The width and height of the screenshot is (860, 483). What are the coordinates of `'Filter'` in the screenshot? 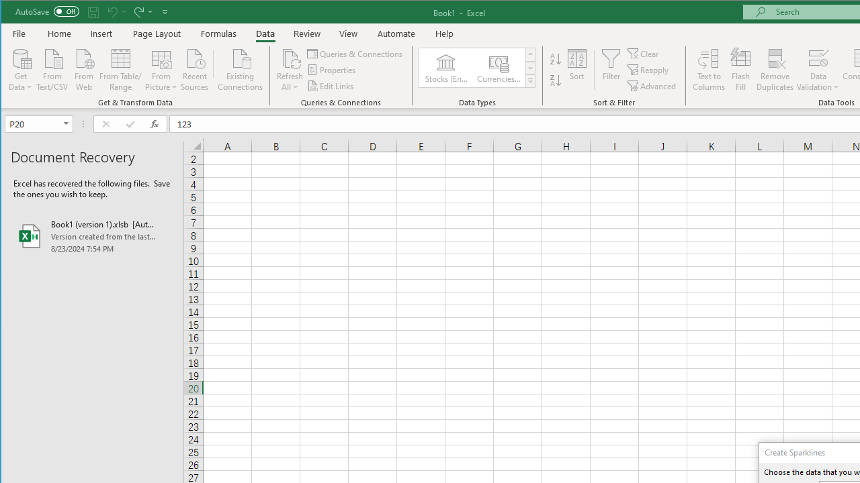 It's located at (611, 70).